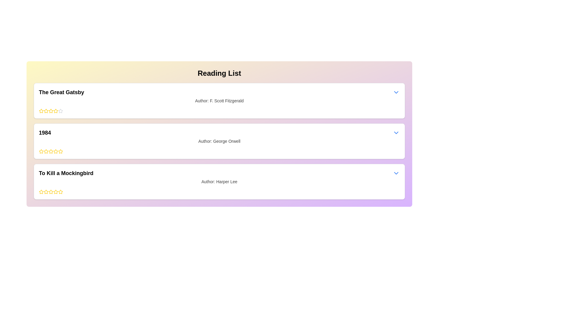  What do you see at coordinates (61, 151) in the screenshot?
I see `the second star icon in the rating system below the title '1984'` at bounding box center [61, 151].